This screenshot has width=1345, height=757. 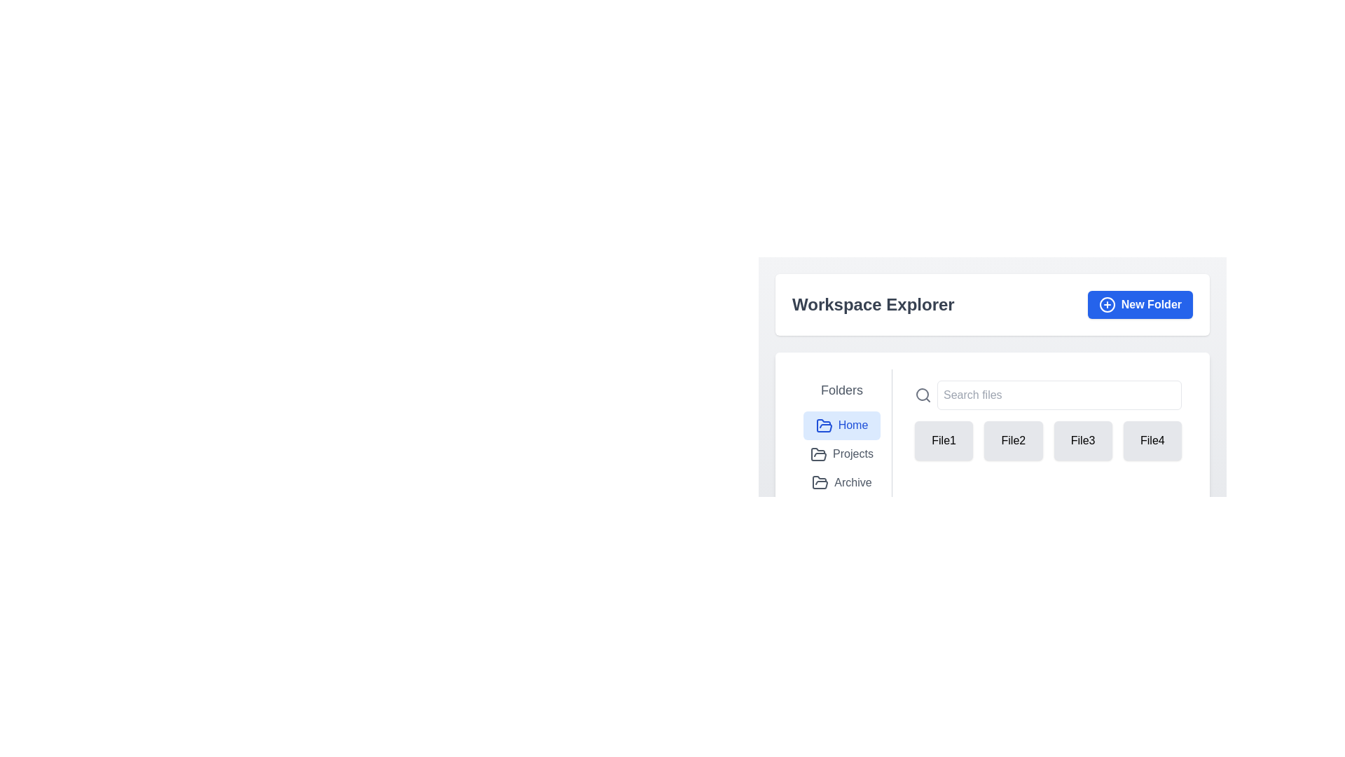 What do you see at coordinates (1082, 439) in the screenshot?
I see `the 'File3' button, which is a rectangular button with a light gray background and rounded corners` at bounding box center [1082, 439].